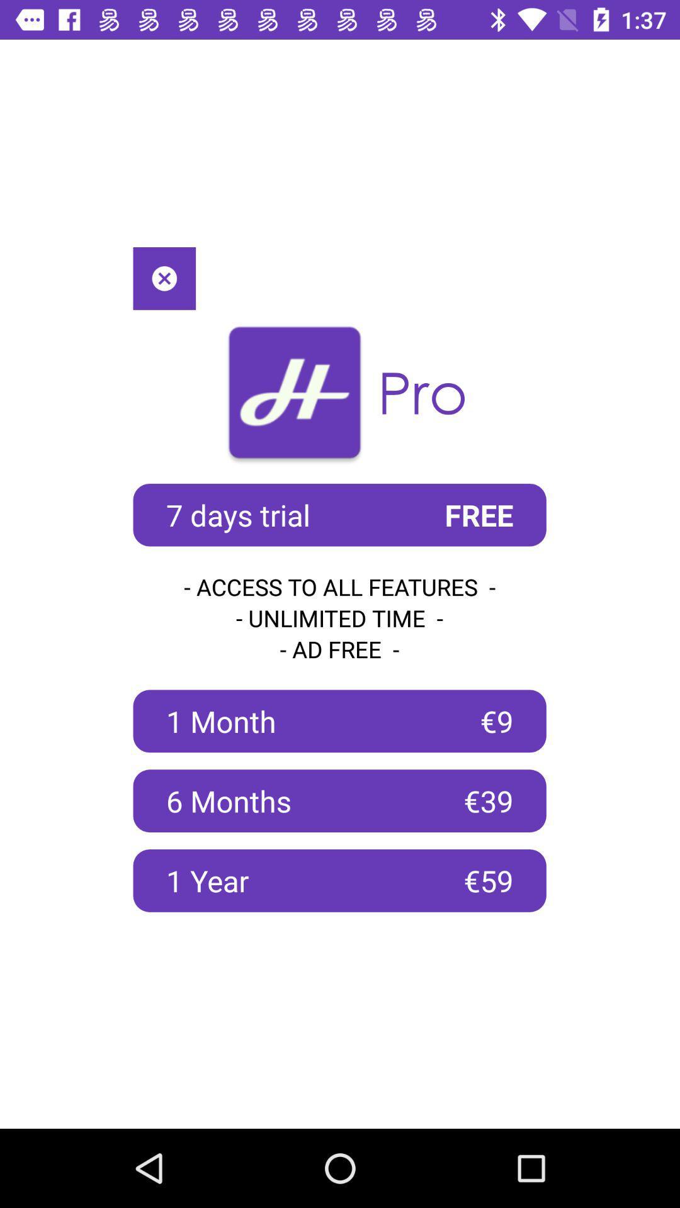 The width and height of the screenshot is (680, 1208). Describe the element at coordinates (164, 277) in the screenshot. I see `exit from the page` at that location.